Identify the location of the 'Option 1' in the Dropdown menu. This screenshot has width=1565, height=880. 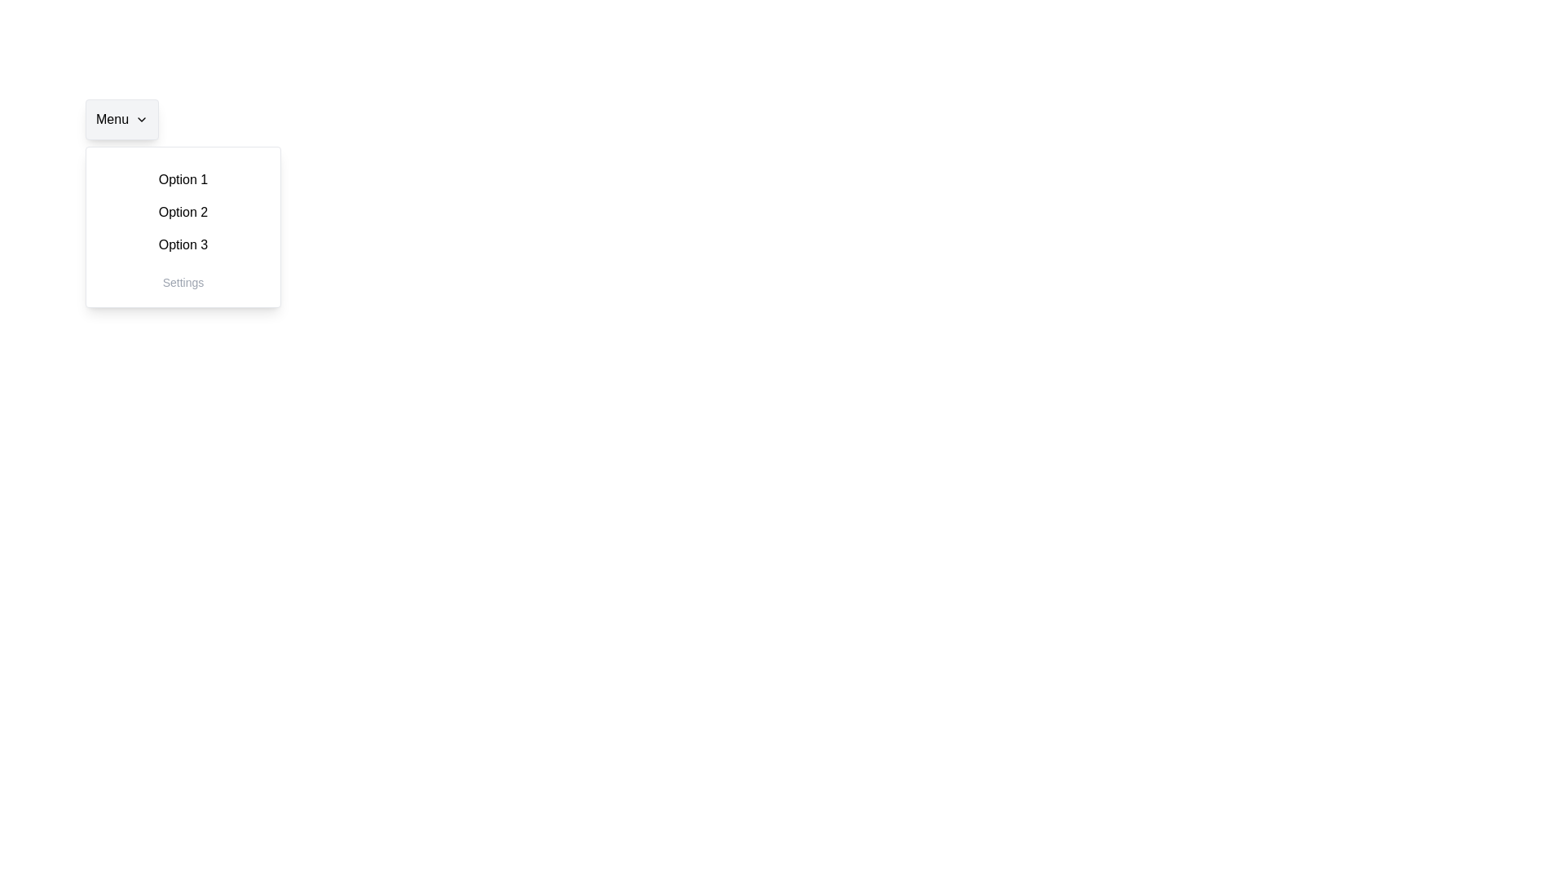
(183, 227).